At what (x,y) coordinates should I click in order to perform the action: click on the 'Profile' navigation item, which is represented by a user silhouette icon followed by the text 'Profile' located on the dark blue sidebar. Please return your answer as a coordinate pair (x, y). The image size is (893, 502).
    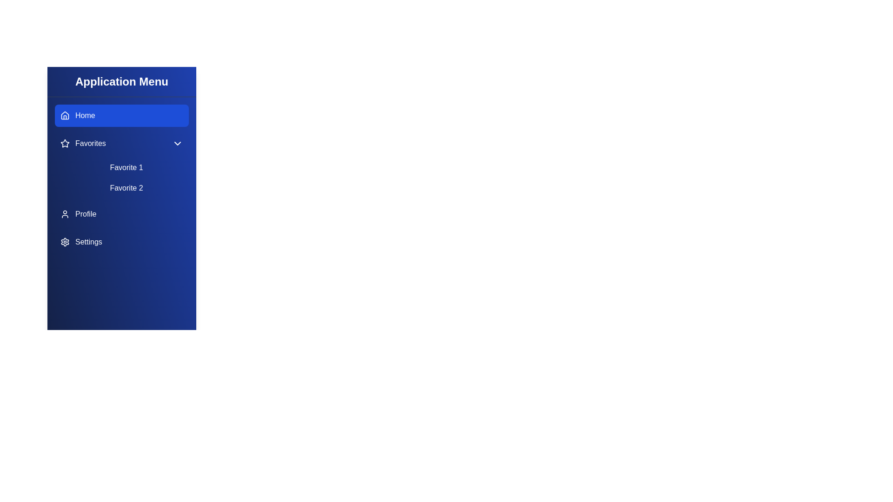
    Looking at the image, I should click on (78, 214).